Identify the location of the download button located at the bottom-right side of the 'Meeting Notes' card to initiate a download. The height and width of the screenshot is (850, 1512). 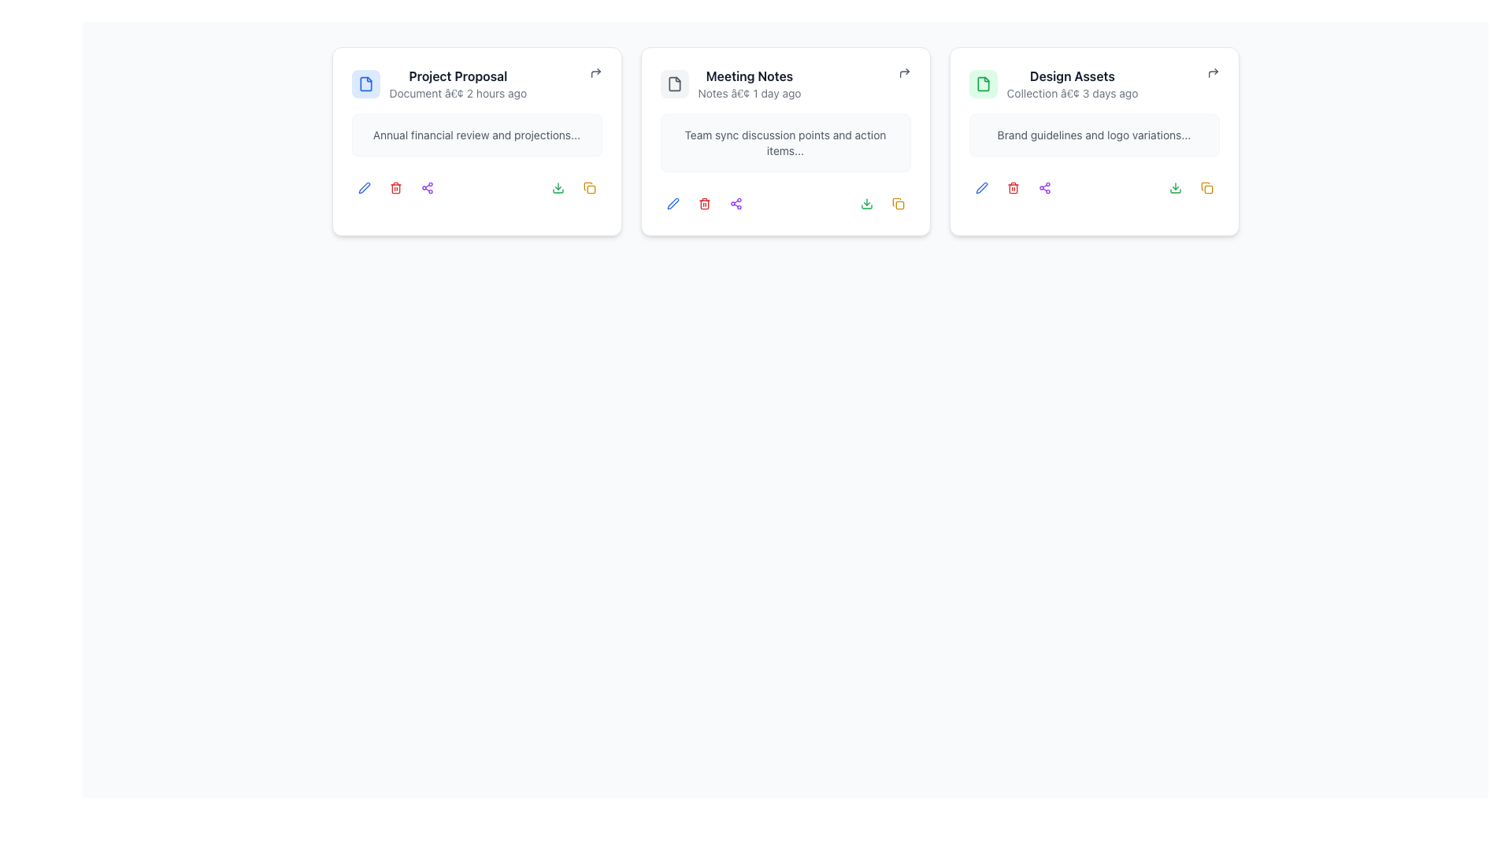
(865, 202).